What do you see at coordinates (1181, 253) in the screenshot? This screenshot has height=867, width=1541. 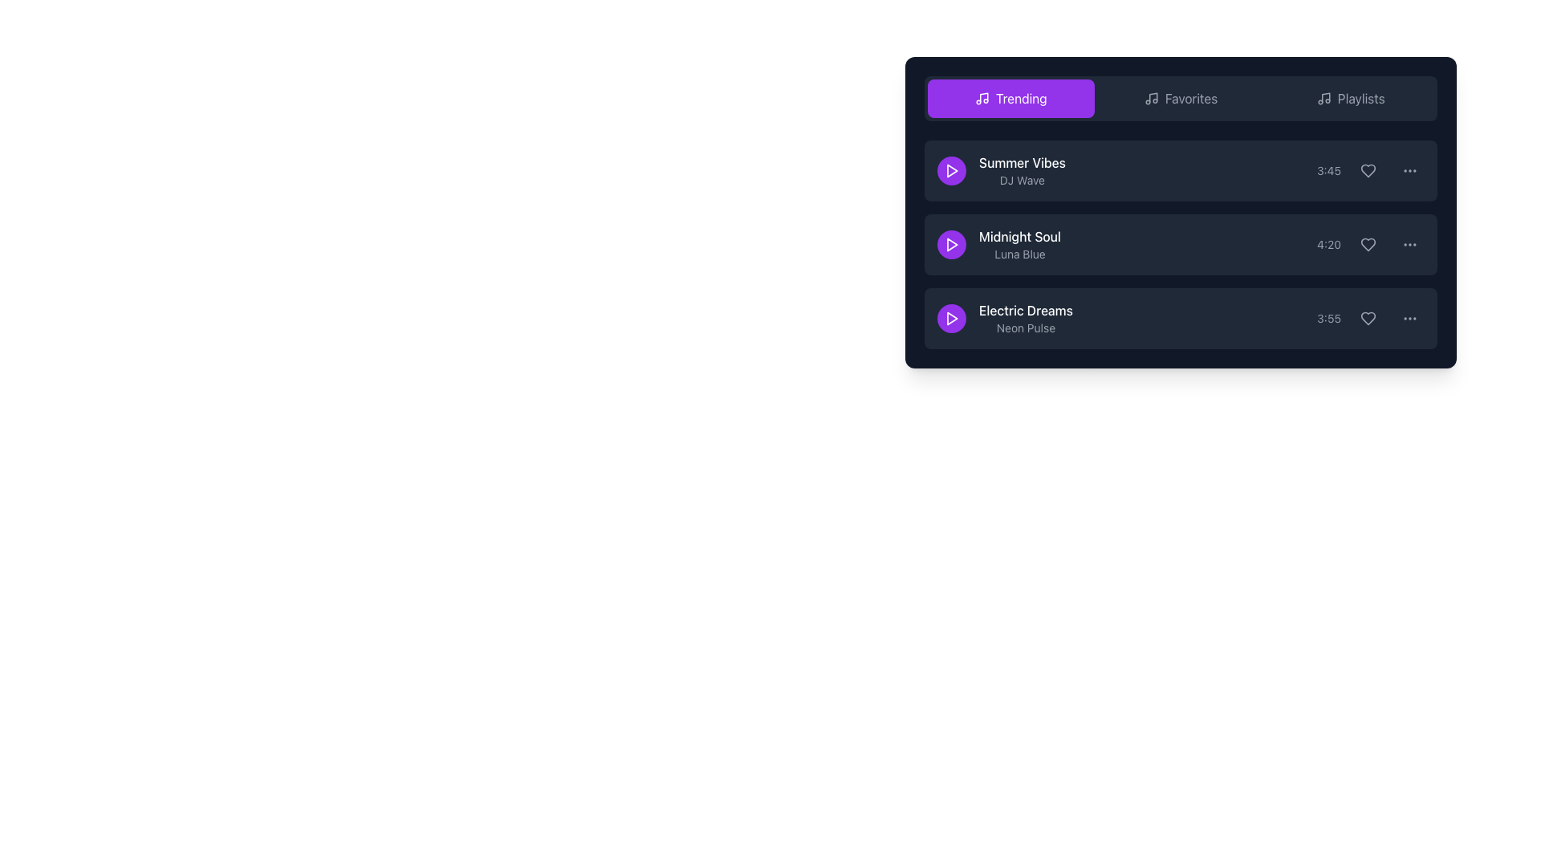 I see `the second item in the music playlist interface under 'Summer Vibes' to play the track` at bounding box center [1181, 253].